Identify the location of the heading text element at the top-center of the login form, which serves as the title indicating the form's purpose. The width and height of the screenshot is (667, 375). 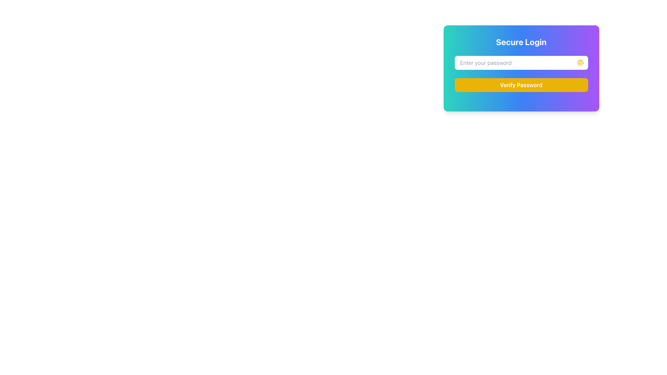
(521, 42).